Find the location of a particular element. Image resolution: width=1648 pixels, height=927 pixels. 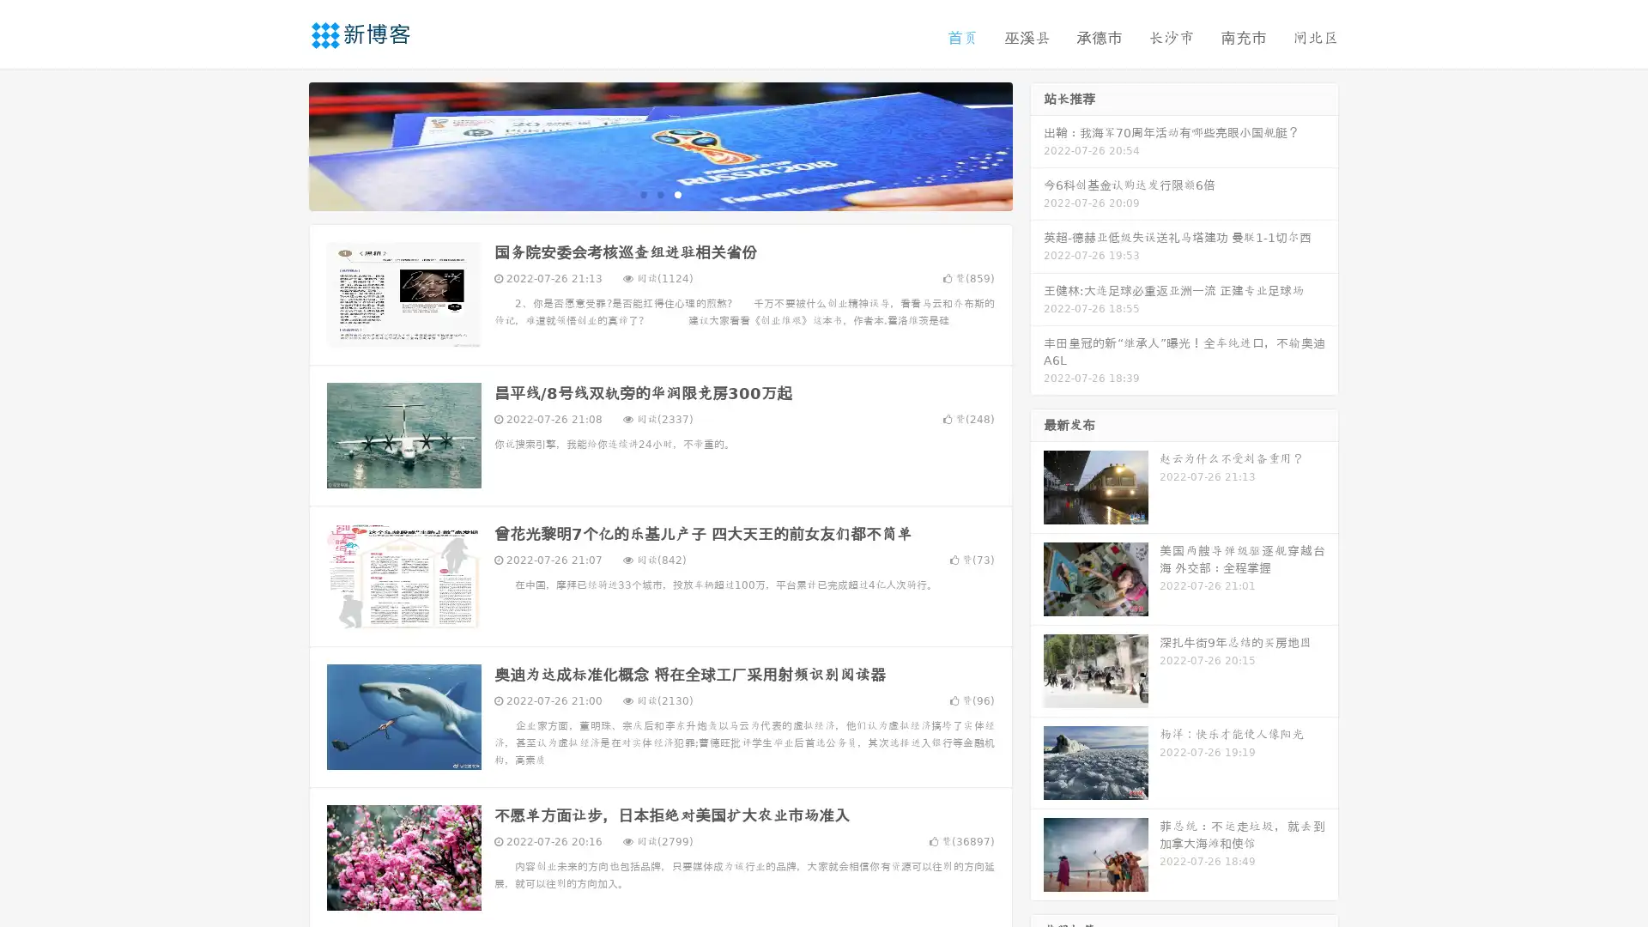

Go to slide 3 is located at coordinates (677, 193).